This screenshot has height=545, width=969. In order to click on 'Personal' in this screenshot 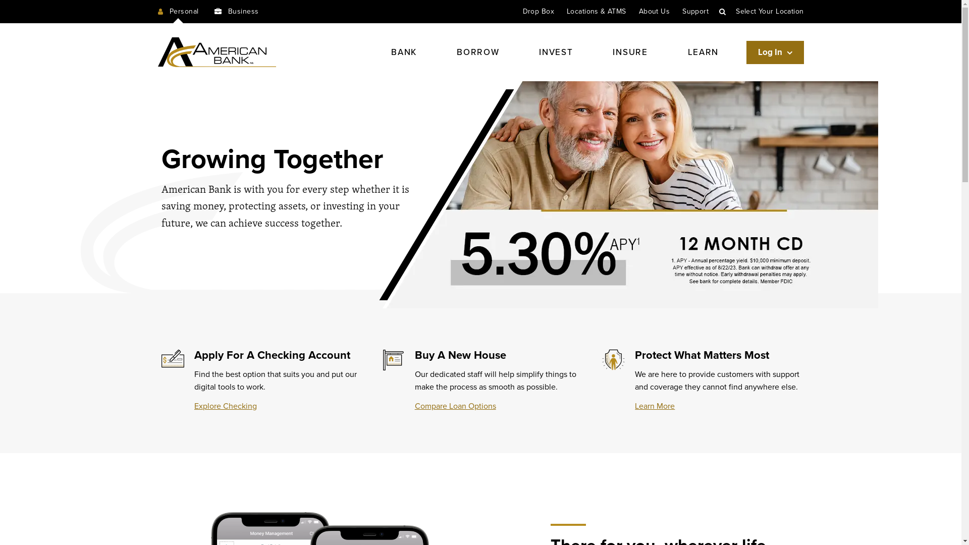, I will do `click(178, 12)`.